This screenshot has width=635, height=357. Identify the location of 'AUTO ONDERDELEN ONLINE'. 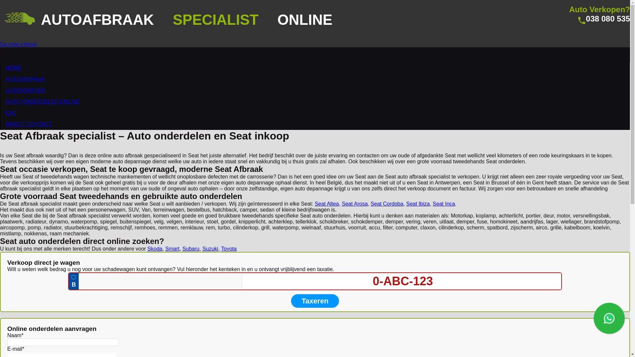
(42, 101).